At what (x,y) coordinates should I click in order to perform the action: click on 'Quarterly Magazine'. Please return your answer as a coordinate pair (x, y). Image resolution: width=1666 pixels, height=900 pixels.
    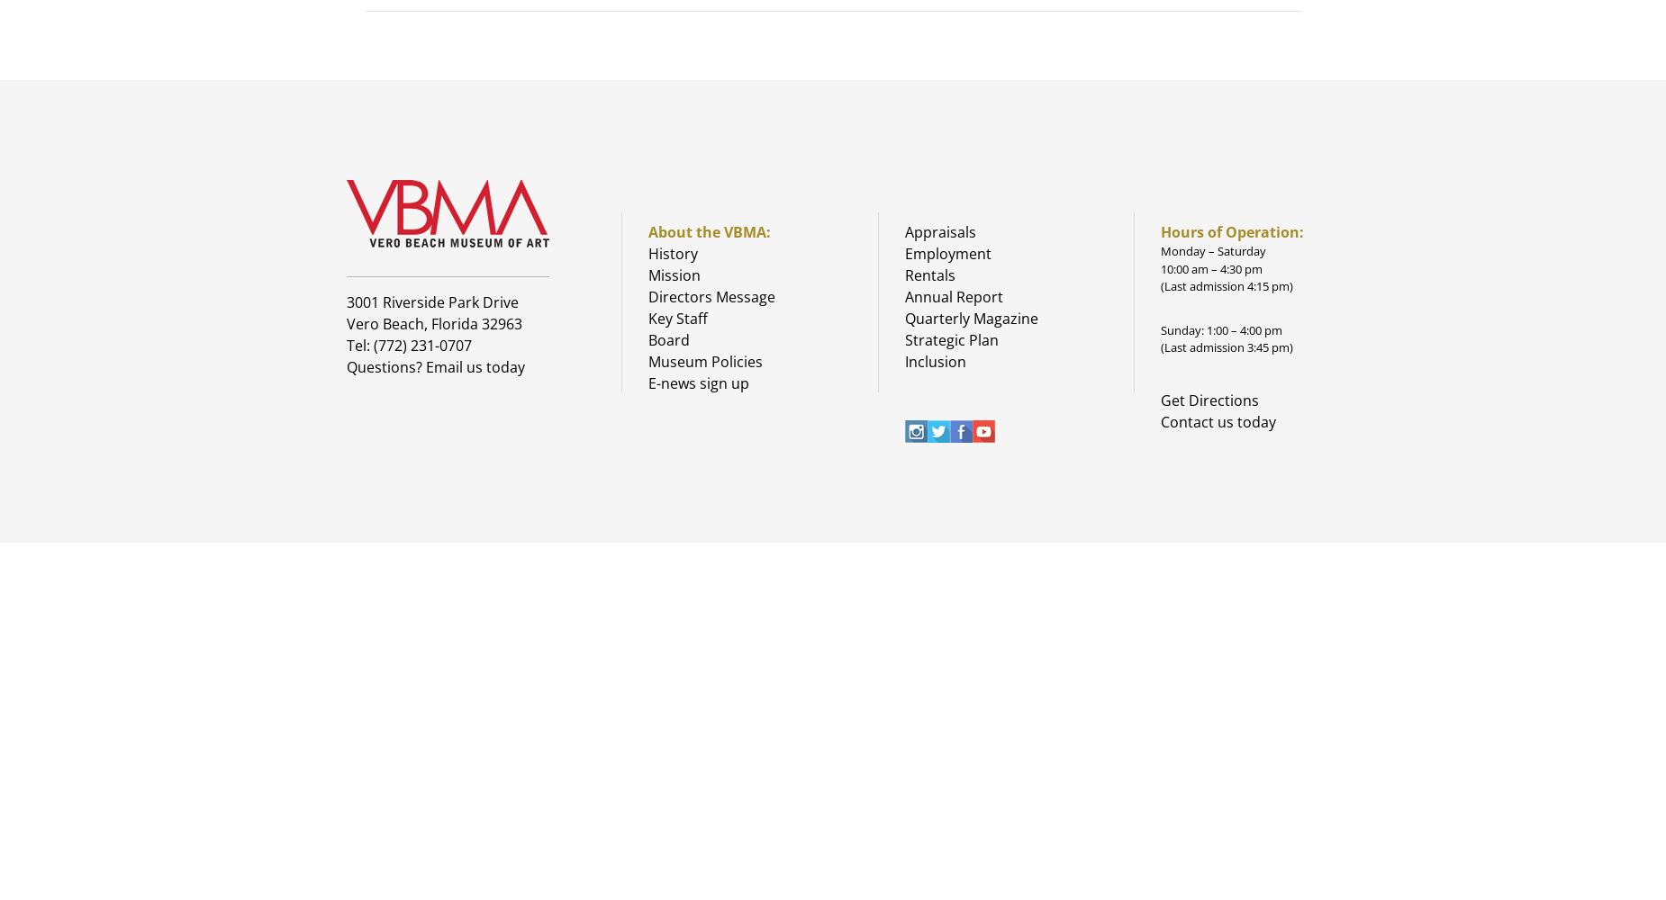
    Looking at the image, I should click on (969, 318).